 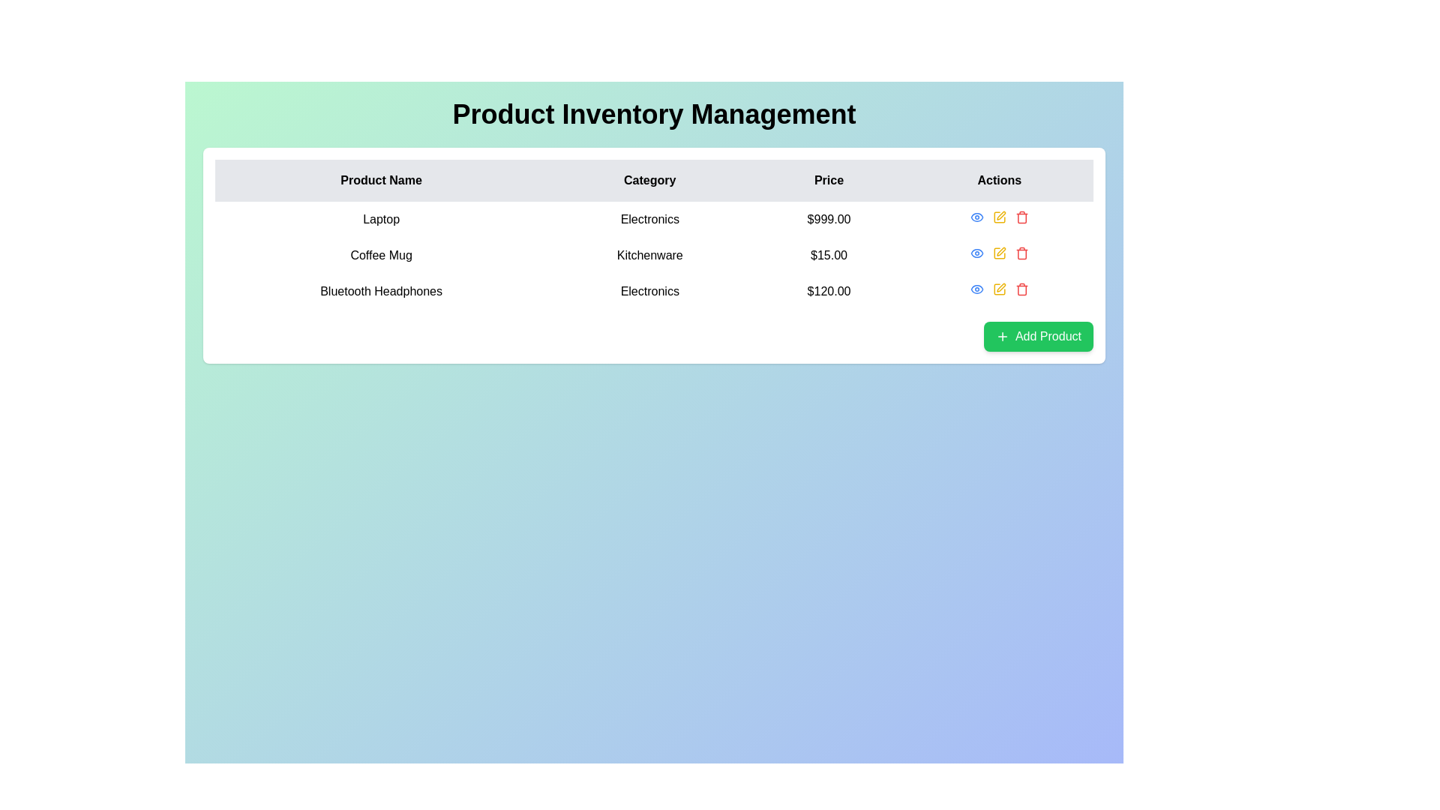 I want to click on the blue eye-shaped icon button in the first position of the 'Actions' column in the third row of the table, so click(x=976, y=289).